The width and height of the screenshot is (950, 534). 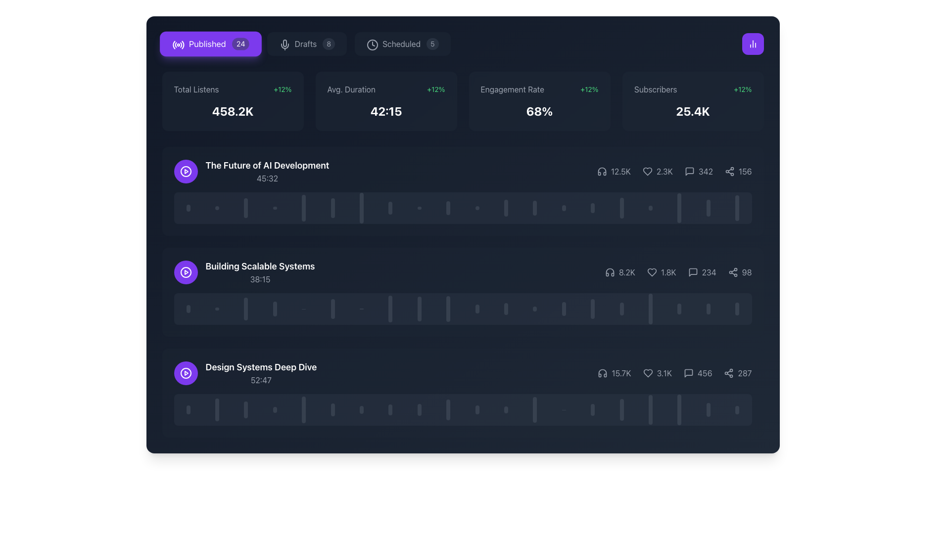 What do you see at coordinates (737, 410) in the screenshot?
I see `the last visual marker or progress indicator, which is a narrow, rounded vertical bar with a gray color and partial transparency, located at the bottom-right corner under 'Design Systems Deep Dive'` at bounding box center [737, 410].